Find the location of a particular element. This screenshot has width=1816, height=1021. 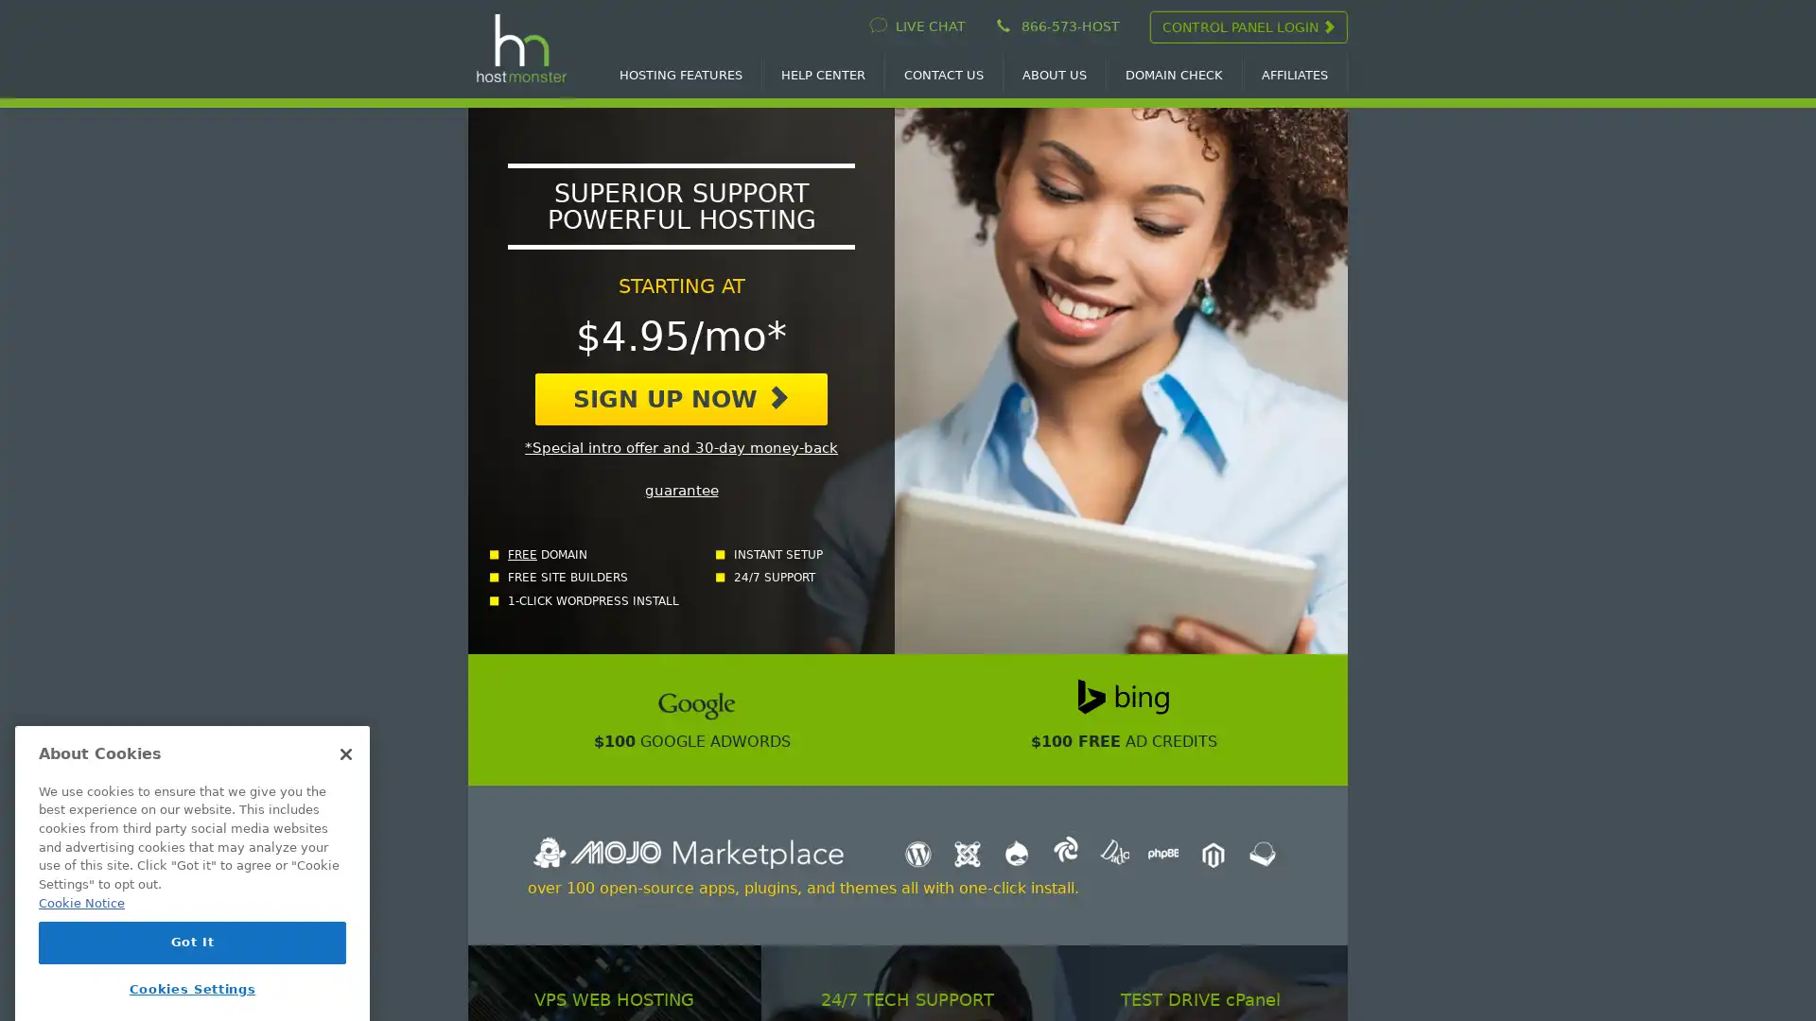

Close is located at coordinates (345, 721).